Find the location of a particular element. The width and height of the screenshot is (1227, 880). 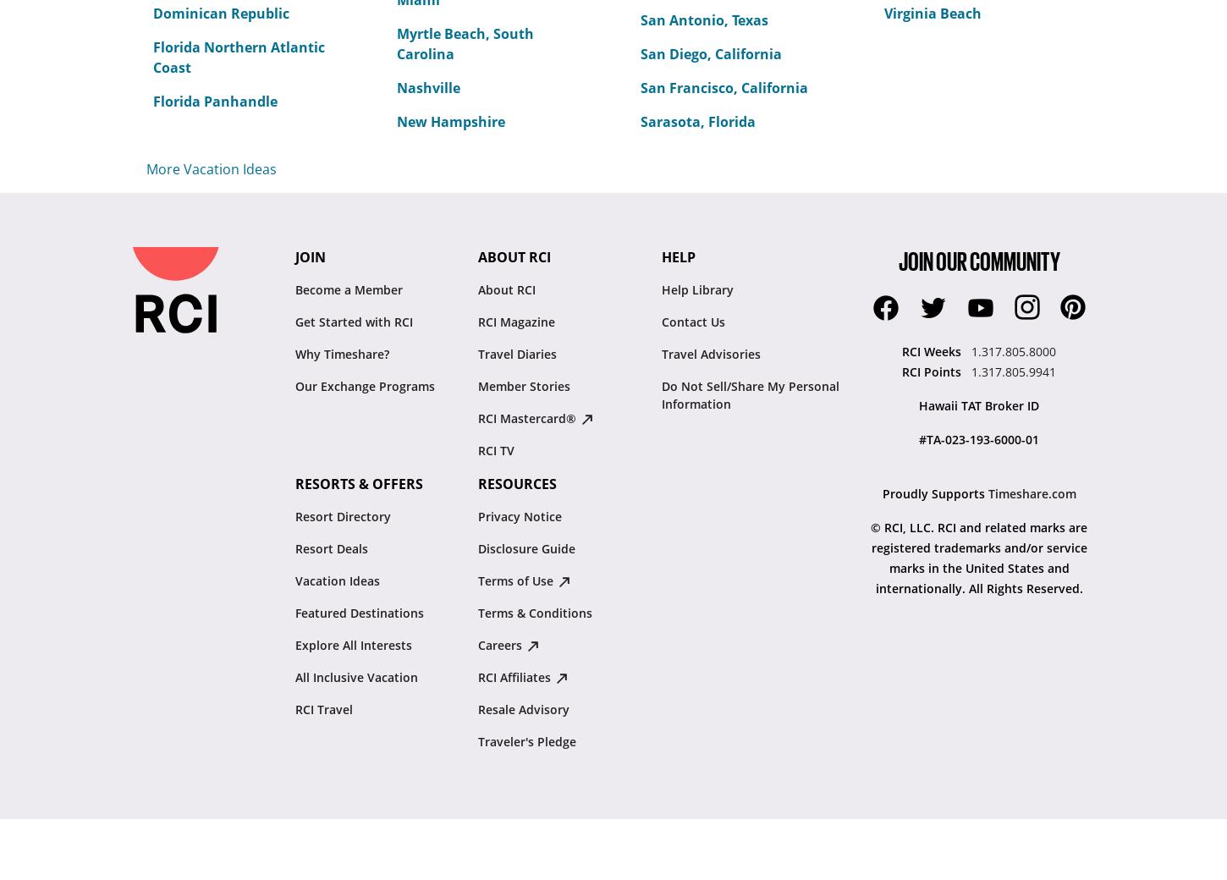

'Vacation Ideas' is located at coordinates (337, 580).